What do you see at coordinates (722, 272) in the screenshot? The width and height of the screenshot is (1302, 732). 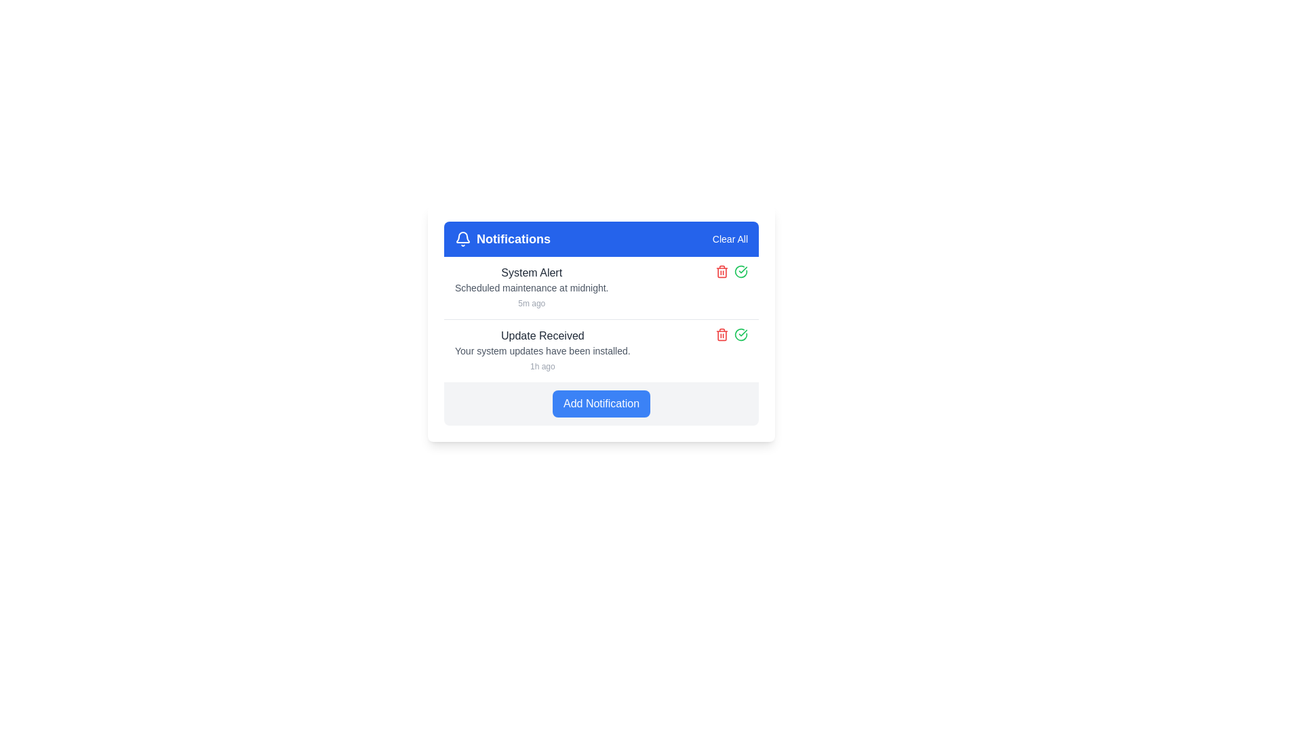 I see `the red trash icon located in the notification panel under the 'System Alert' item` at bounding box center [722, 272].